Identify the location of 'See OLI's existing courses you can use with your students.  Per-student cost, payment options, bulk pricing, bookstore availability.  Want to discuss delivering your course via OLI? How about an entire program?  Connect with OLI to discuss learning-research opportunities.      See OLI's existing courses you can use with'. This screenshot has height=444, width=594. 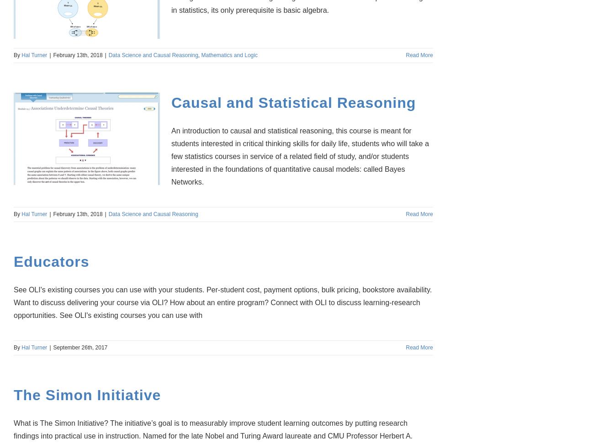
(222, 302).